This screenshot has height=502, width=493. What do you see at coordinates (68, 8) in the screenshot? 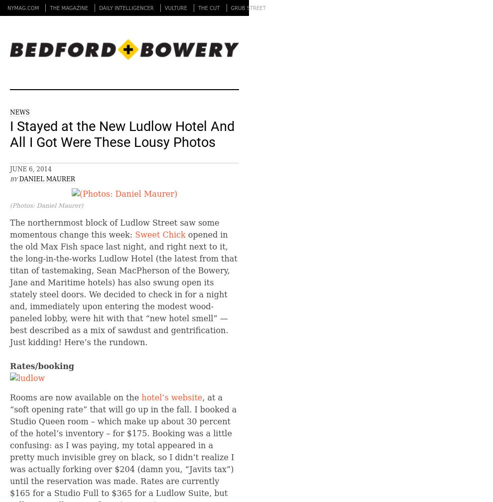
I see `'The Magazine'` at bounding box center [68, 8].